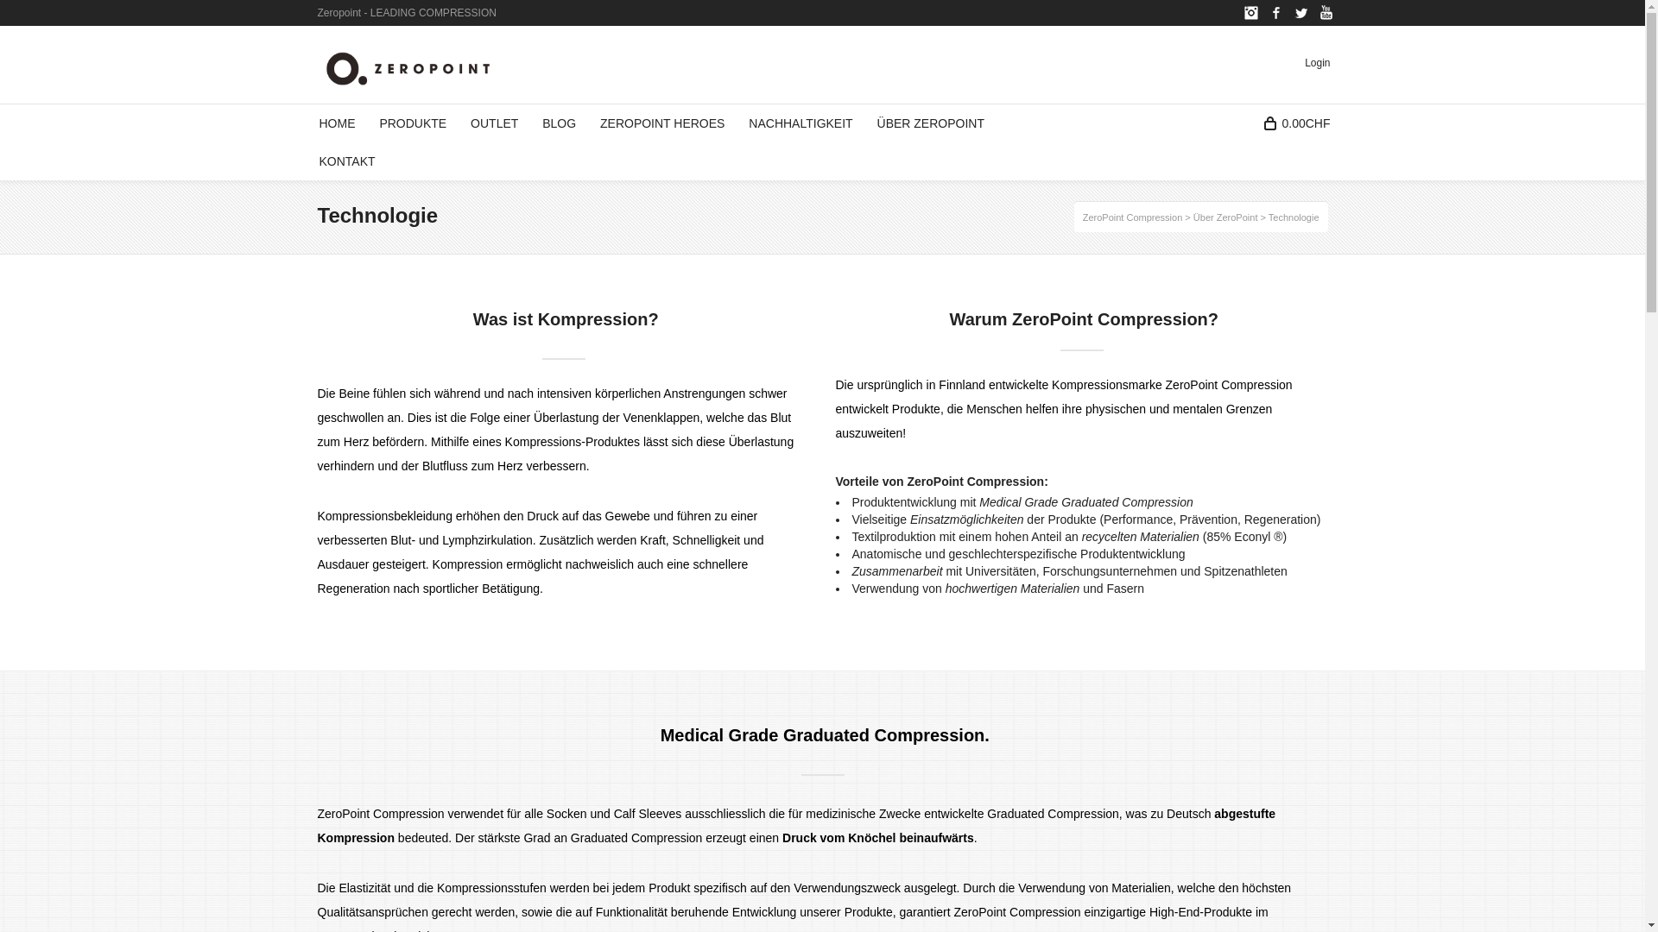  What do you see at coordinates (1132, 216) in the screenshot?
I see `'ZeroPoint Compression'` at bounding box center [1132, 216].